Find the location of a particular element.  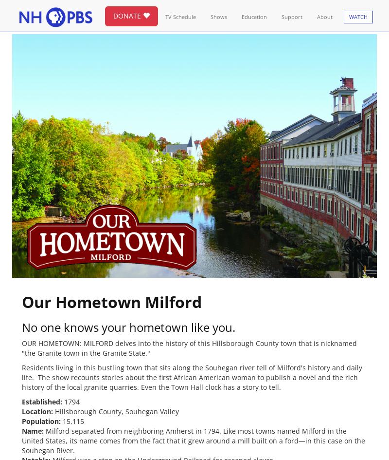

'Residents living in this bustling town that sits along the Souhegan river tell of Milford's history and daily life.  The show recounts stories about the first African American woman to publish a novel and the rich history of the local granite quarries. Even the Town Hall clock has a story to tell.' is located at coordinates (21, 376).